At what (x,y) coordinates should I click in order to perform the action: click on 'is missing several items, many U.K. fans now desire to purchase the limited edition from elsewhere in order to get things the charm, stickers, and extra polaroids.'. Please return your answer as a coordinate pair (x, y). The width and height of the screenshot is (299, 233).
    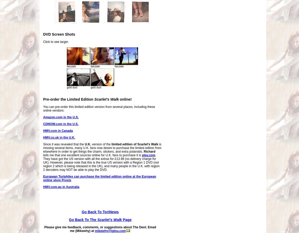
    Looking at the image, I should click on (43, 148).